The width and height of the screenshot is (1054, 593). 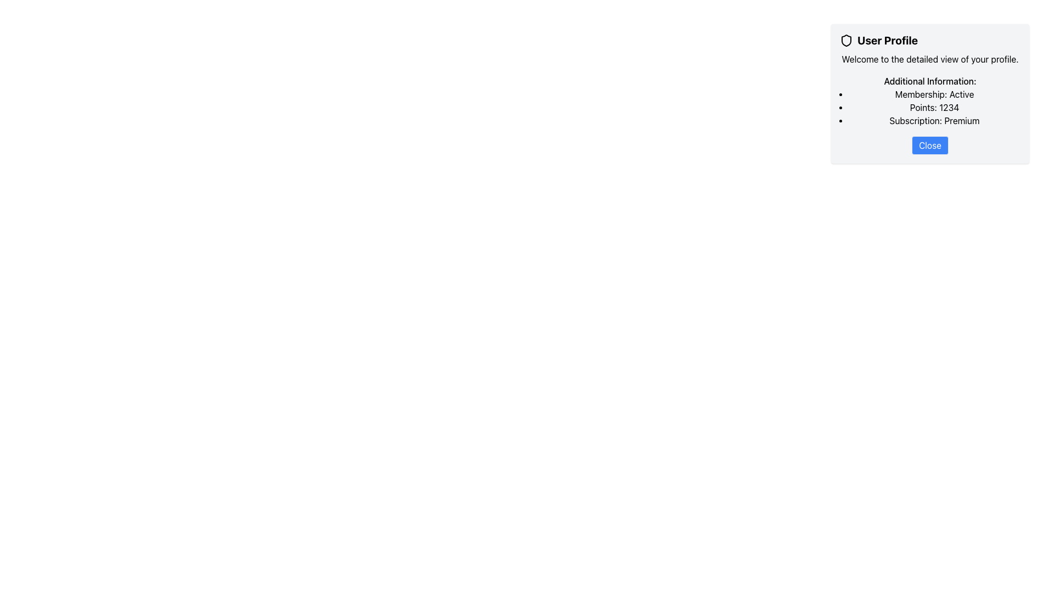 What do you see at coordinates (929, 145) in the screenshot?
I see `the close button at the bottom of the 'User Profile' card` at bounding box center [929, 145].